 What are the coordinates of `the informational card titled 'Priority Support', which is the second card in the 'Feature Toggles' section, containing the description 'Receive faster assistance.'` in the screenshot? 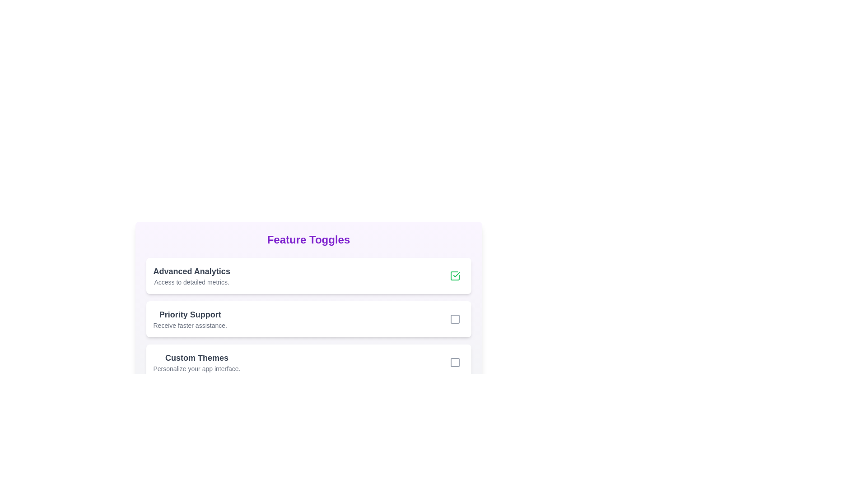 It's located at (308, 306).